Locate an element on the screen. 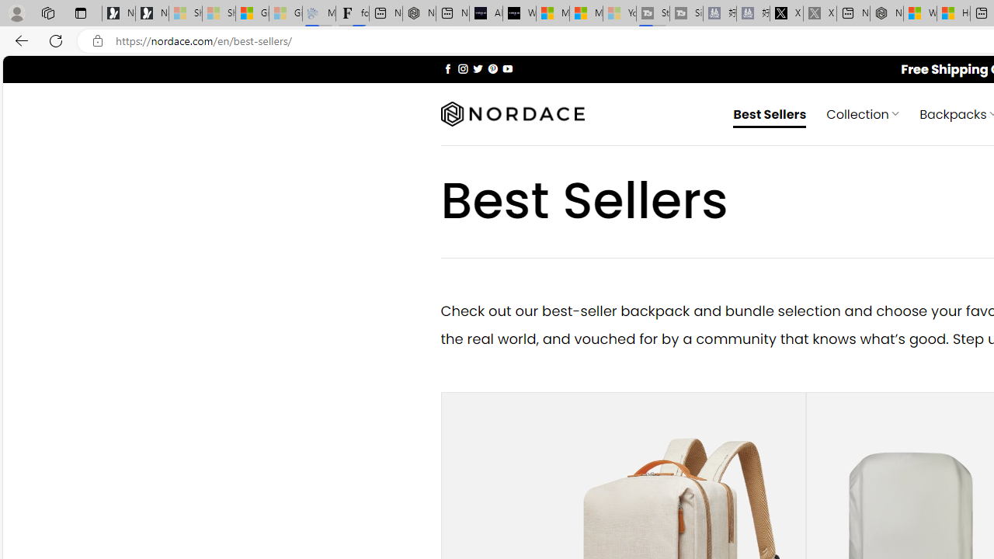  'Follow on YouTube' is located at coordinates (507, 68).